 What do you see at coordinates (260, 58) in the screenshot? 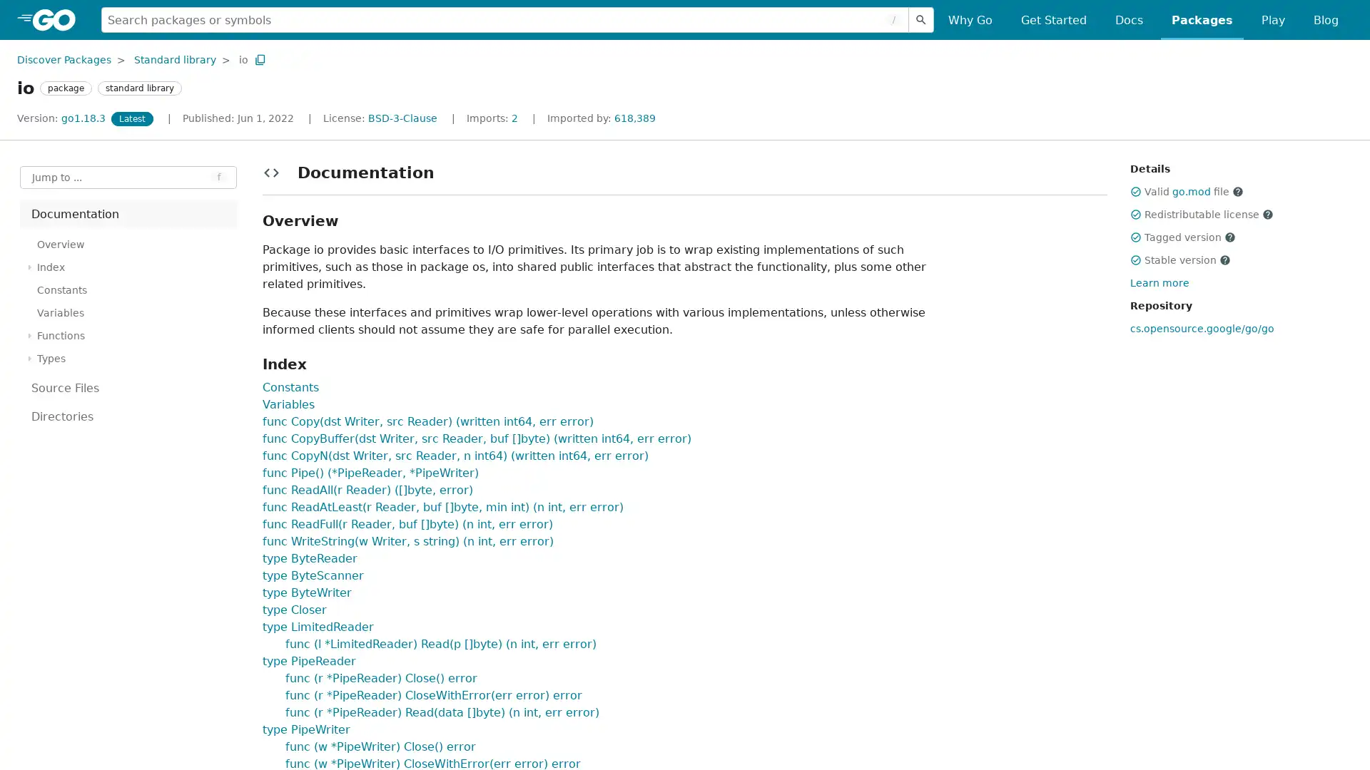
I see `Copy Path to Clipboard` at bounding box center [260, 58].